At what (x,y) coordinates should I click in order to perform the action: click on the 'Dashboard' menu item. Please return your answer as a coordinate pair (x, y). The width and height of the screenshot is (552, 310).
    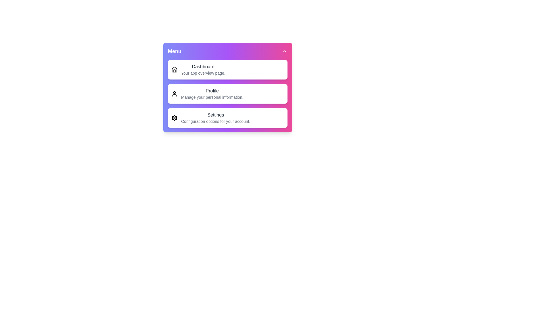
    Looking at the image, I should click on (227, 69).